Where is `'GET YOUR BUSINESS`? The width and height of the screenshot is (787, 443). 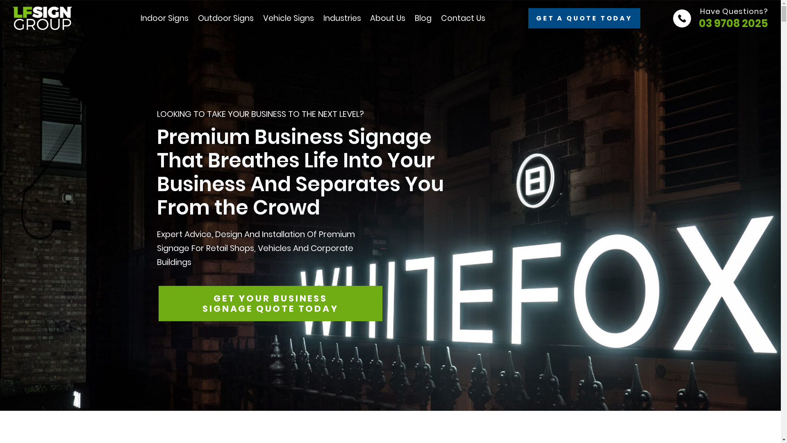 'GET YOUR BUSINESS is located at coordinates (270, 304).